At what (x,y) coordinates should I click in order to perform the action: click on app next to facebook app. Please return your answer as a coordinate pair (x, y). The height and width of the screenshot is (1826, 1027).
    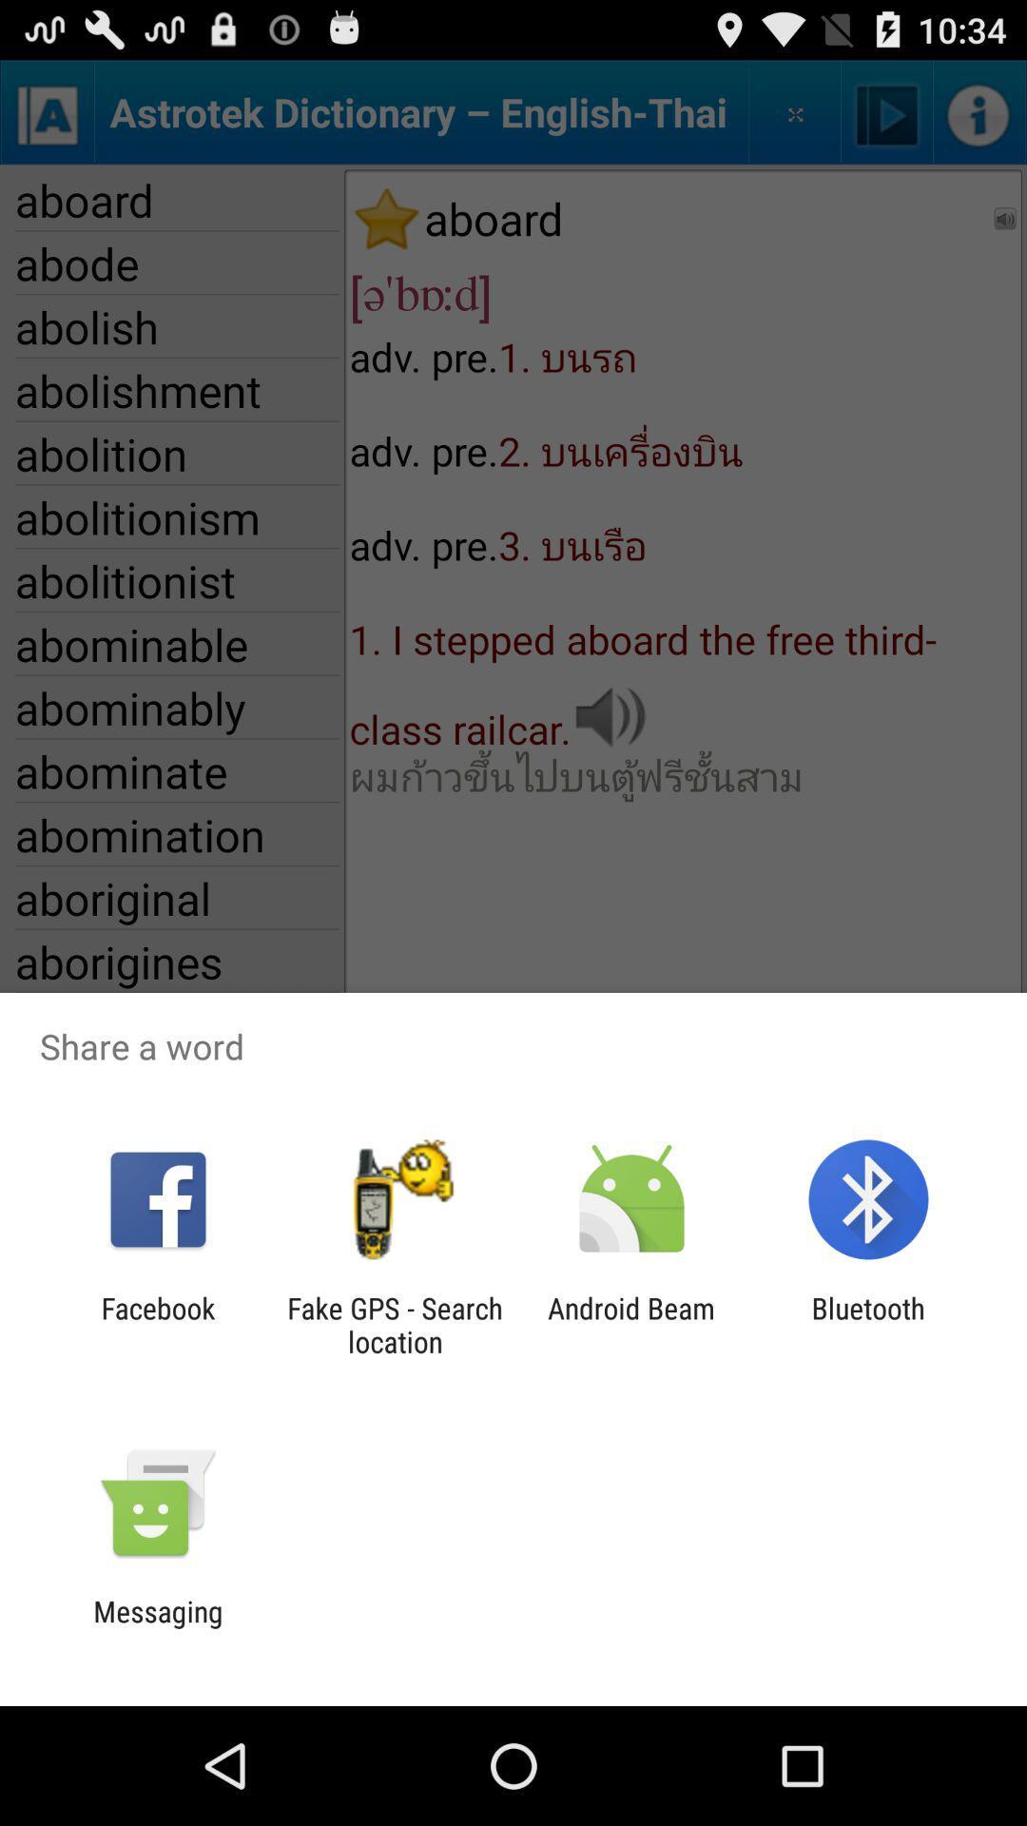
    Looking at the image, I should click on (394, 1324).